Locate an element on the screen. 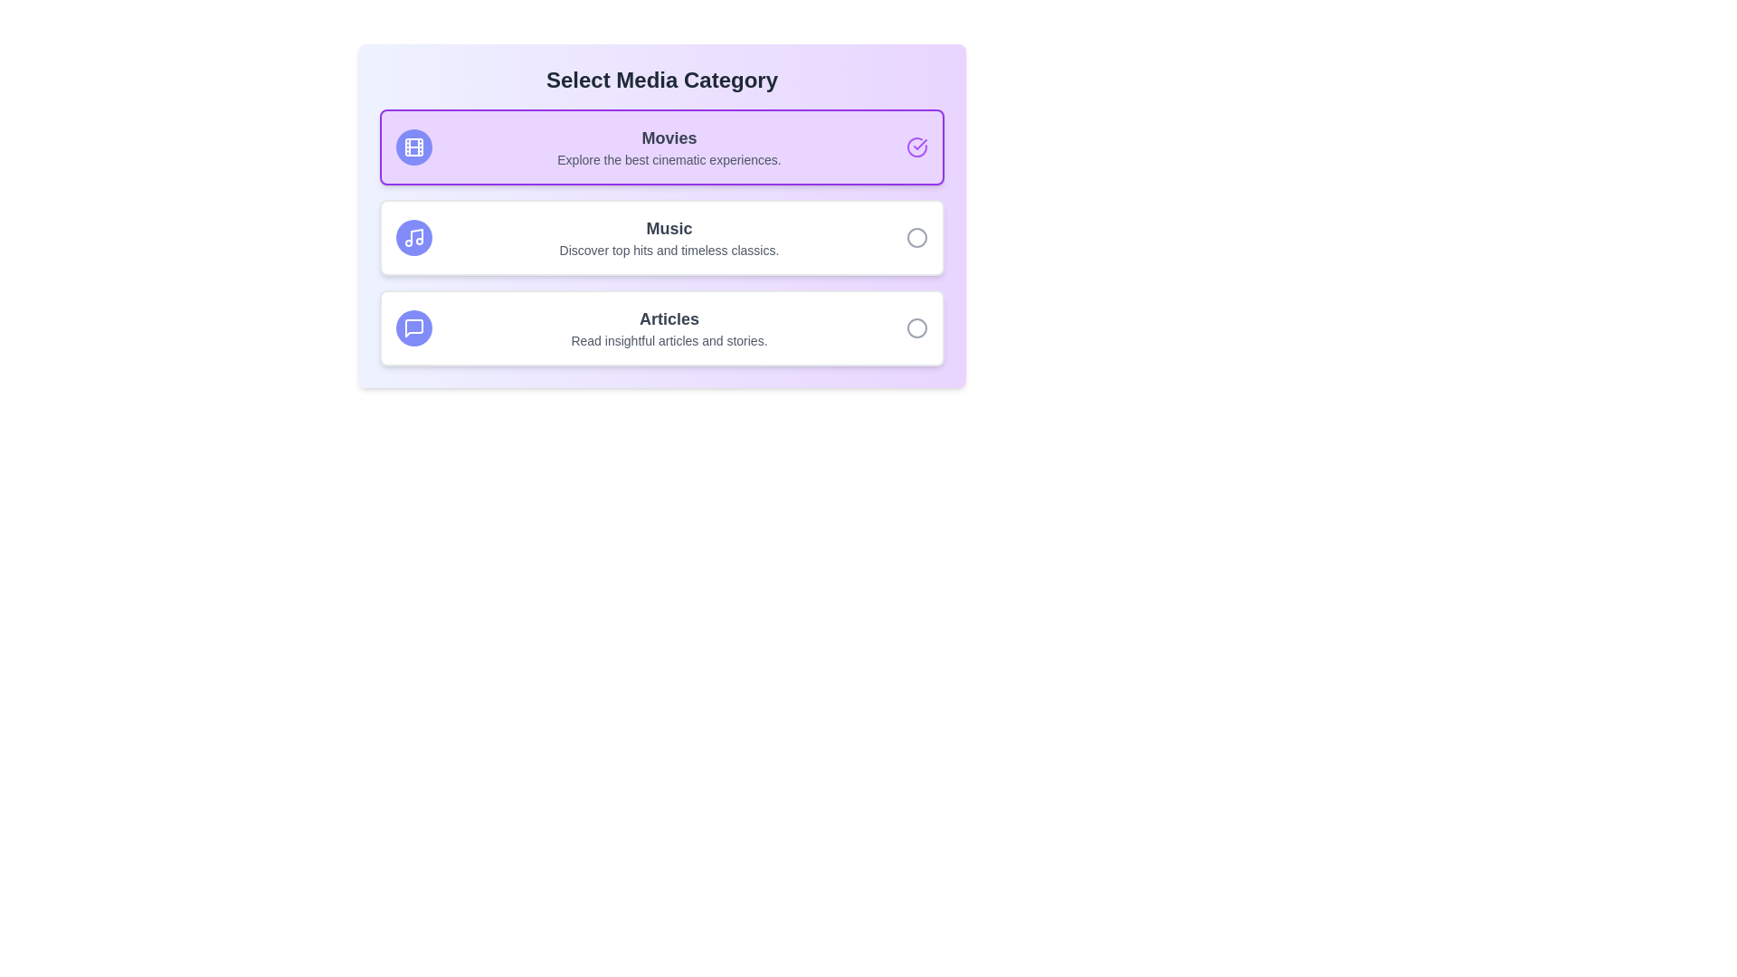 The image size is (1737, 977). the round button with a film icon located to the left of the text 'Movies' is located at coordinates (413, 146).